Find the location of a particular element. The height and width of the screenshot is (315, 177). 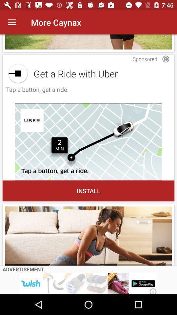

this ab workout or exercise is located at coordinates (88, 236).